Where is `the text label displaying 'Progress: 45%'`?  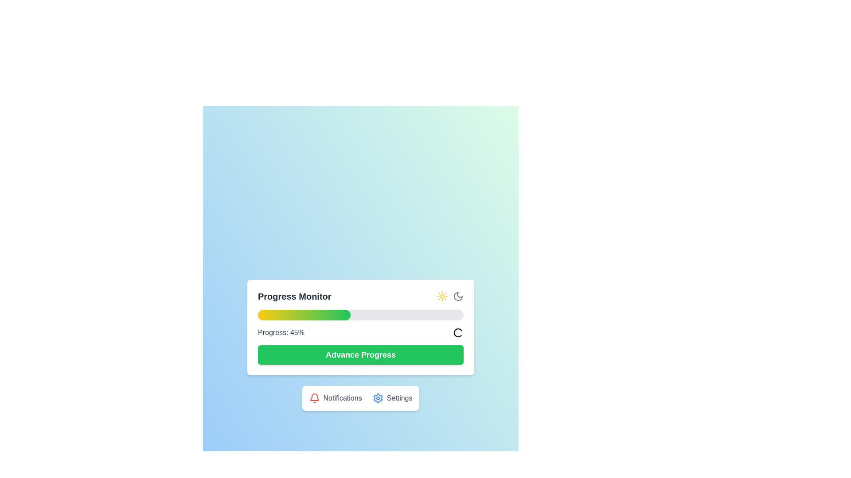
the text label displaying 'Progress: 45%' is located at coordinates (281, 333).